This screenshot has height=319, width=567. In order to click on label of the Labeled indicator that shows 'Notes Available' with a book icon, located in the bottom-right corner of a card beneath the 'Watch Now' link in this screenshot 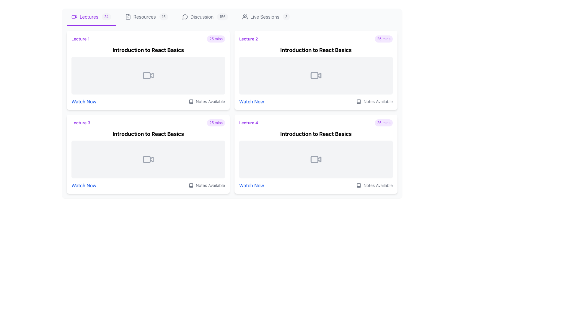, I will do `click(374, 185)`.